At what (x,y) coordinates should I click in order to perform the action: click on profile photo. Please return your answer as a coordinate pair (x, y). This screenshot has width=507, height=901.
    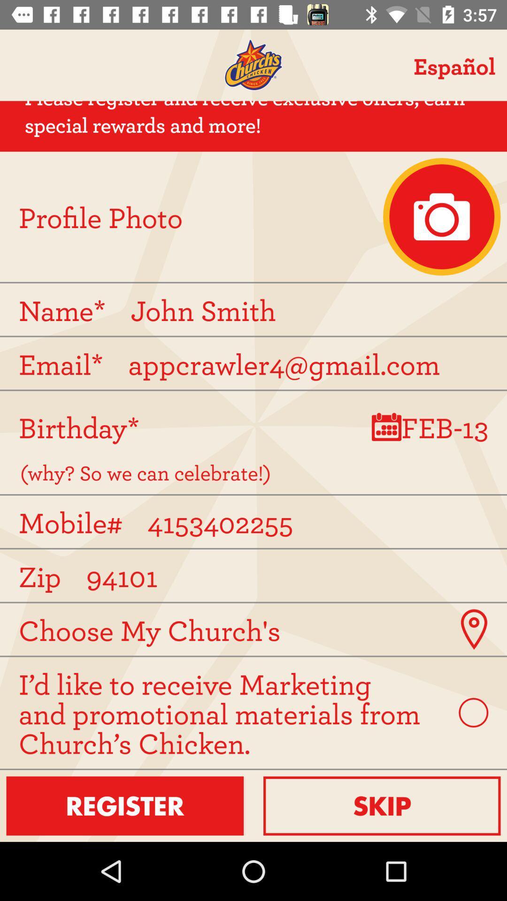
    Looking at the image, I should click on (442, 216).